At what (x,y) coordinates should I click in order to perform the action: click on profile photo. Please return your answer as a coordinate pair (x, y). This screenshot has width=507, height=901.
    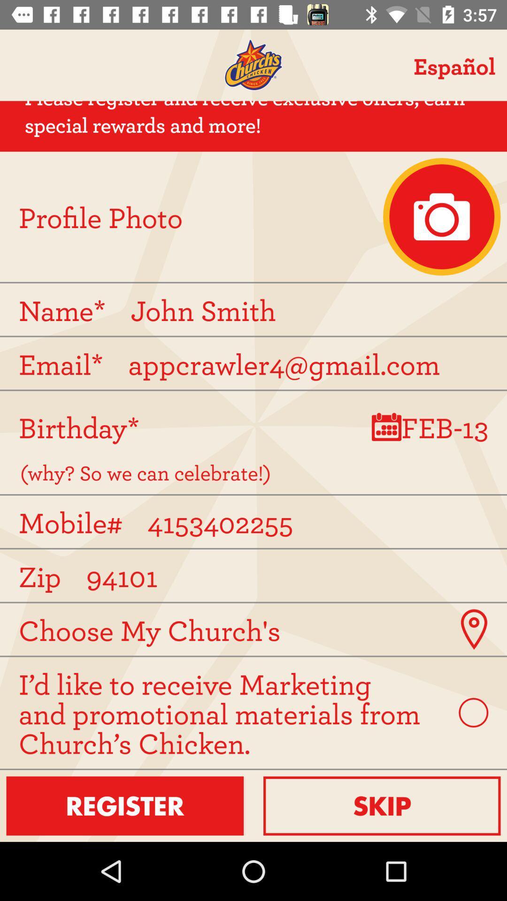
    Looking at the image, I should click on (442, 216).